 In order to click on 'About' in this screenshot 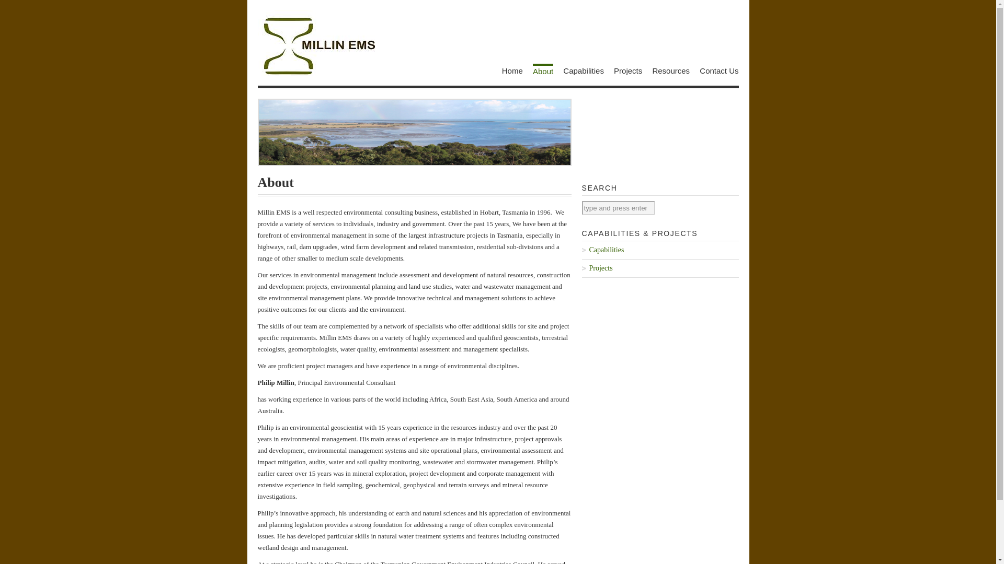, I will do `click(532, 69)`.